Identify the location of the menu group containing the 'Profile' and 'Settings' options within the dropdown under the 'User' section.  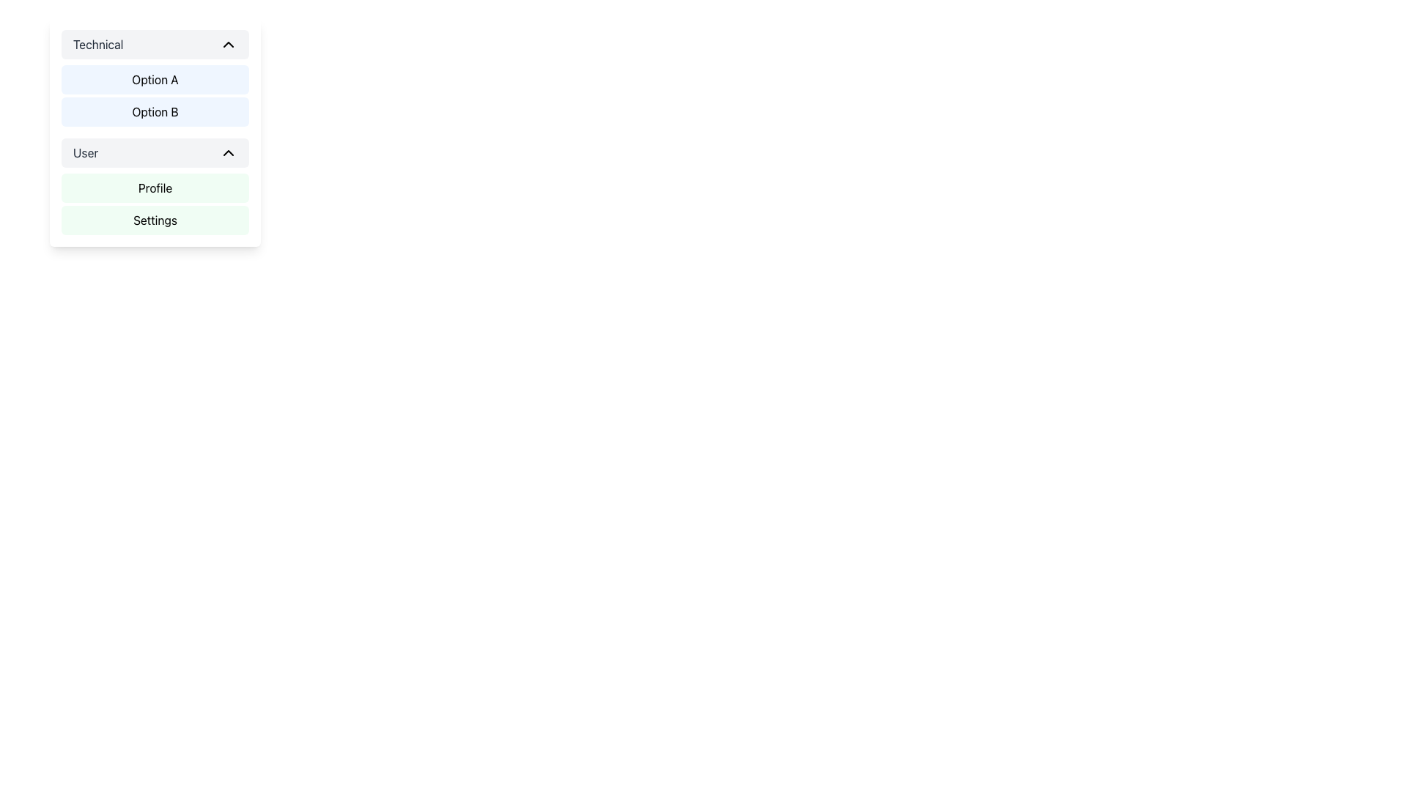
(155, 185).